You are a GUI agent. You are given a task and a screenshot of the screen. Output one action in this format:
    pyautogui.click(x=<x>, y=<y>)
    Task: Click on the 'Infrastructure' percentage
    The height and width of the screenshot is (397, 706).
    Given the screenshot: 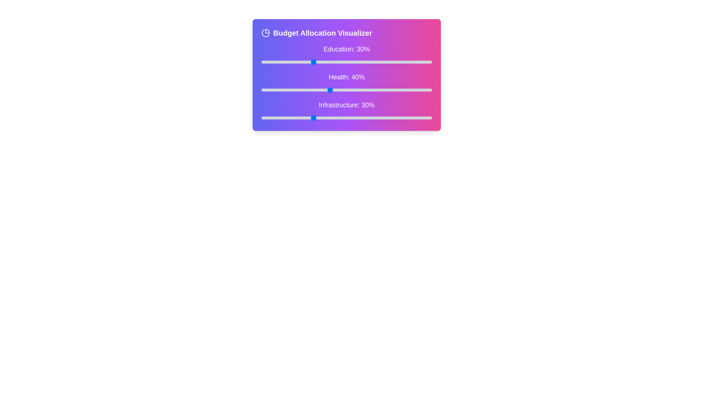 What is the action you would take?
    pyautogui.click(x=411, y=117)
    